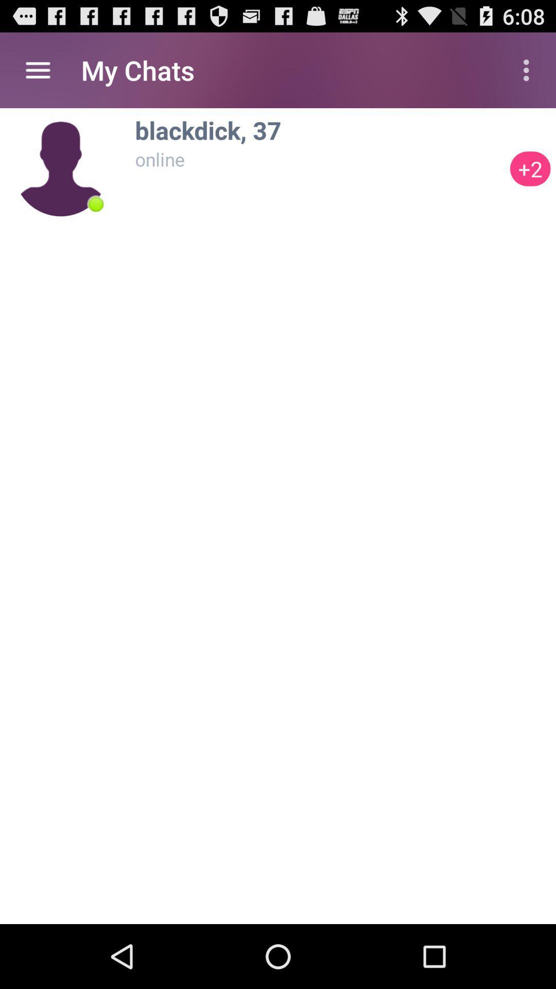 The image size is (556, 989). What do you see at coordinates (37, 70) in the screenshot?
I see `icon next to my chats icon` at bounding box center [37, 70].